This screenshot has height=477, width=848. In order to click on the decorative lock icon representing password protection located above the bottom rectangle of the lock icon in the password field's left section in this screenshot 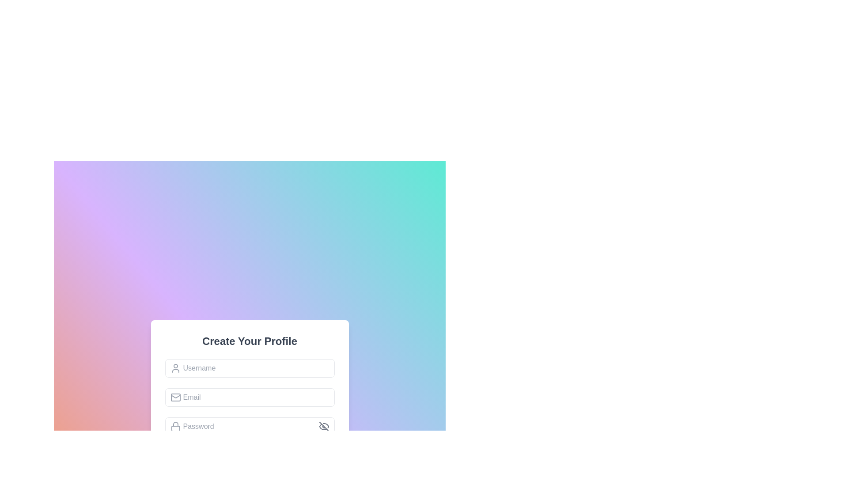, I will do `click(175, 424)`.